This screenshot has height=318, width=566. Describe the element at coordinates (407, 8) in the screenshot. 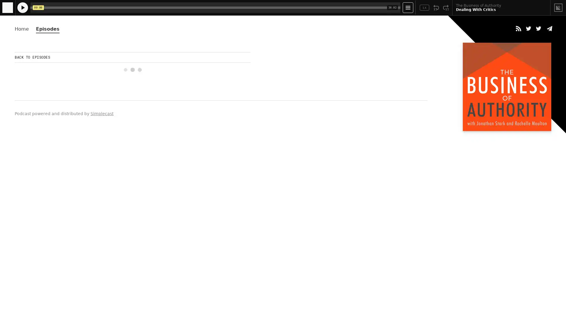

I see `Open Player Settings` at that location.